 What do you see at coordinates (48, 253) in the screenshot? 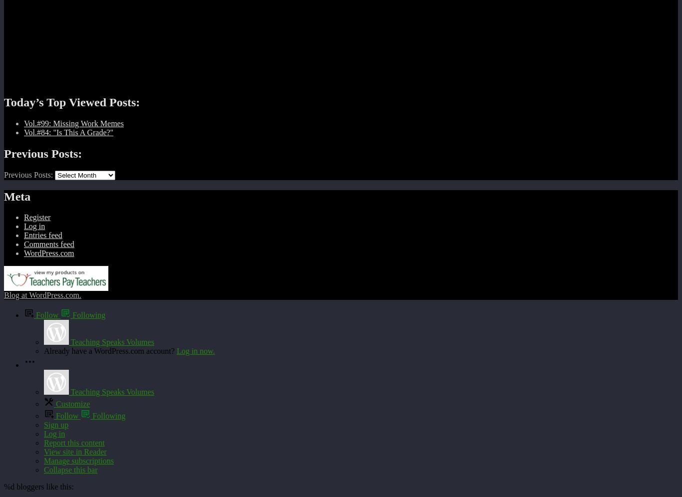
I see `'WordPress.com'` at bounding box center [48, 253].